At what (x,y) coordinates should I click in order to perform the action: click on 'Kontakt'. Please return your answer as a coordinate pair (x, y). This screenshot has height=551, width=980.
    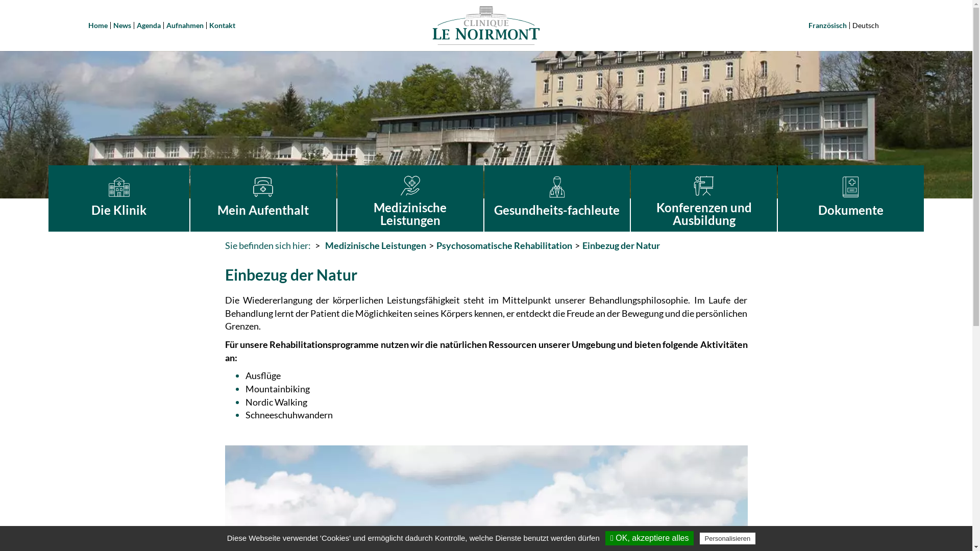
    Looking at the image, I should click on (208, 24).